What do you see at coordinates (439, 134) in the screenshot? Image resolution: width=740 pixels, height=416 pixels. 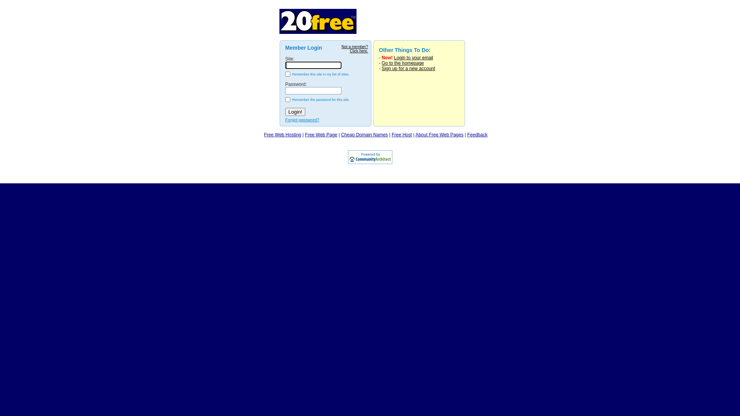 I see `'About Free Web Pages'` at bounding box center [439, 134].